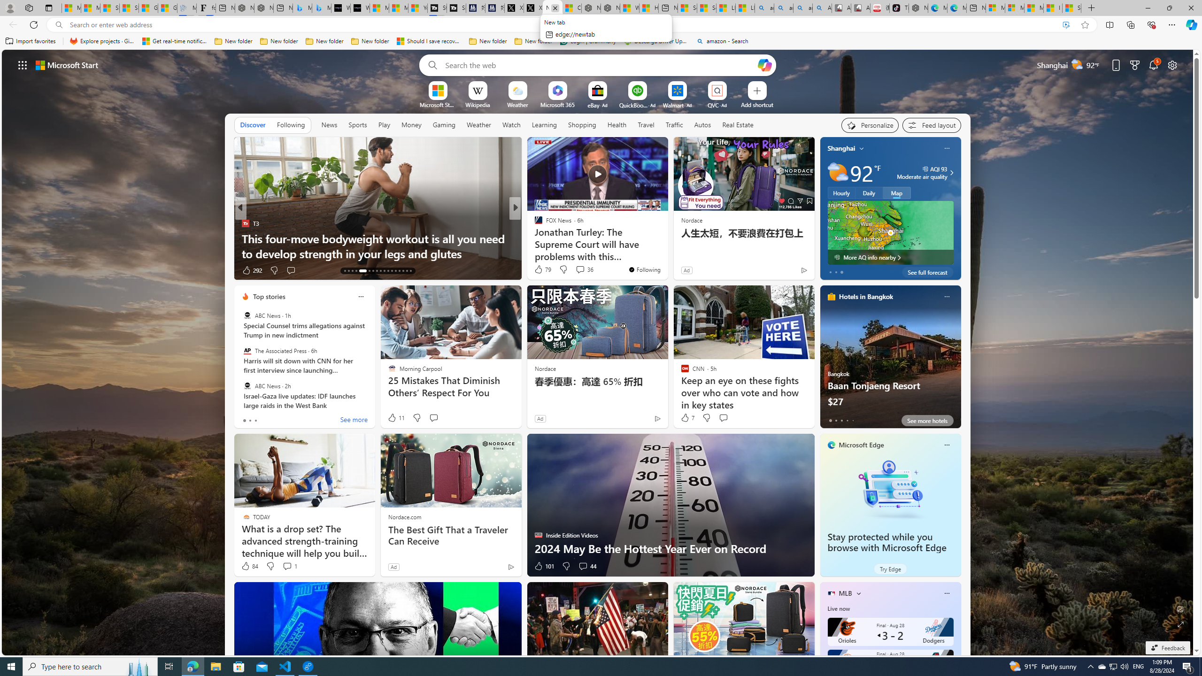 Image resolution: width=1202 pixels, height=676 pixels. What do you see at coordinates (764, 64) in the screenshot?
I see `'Open Copilot'` at bounding box center [764, 64].